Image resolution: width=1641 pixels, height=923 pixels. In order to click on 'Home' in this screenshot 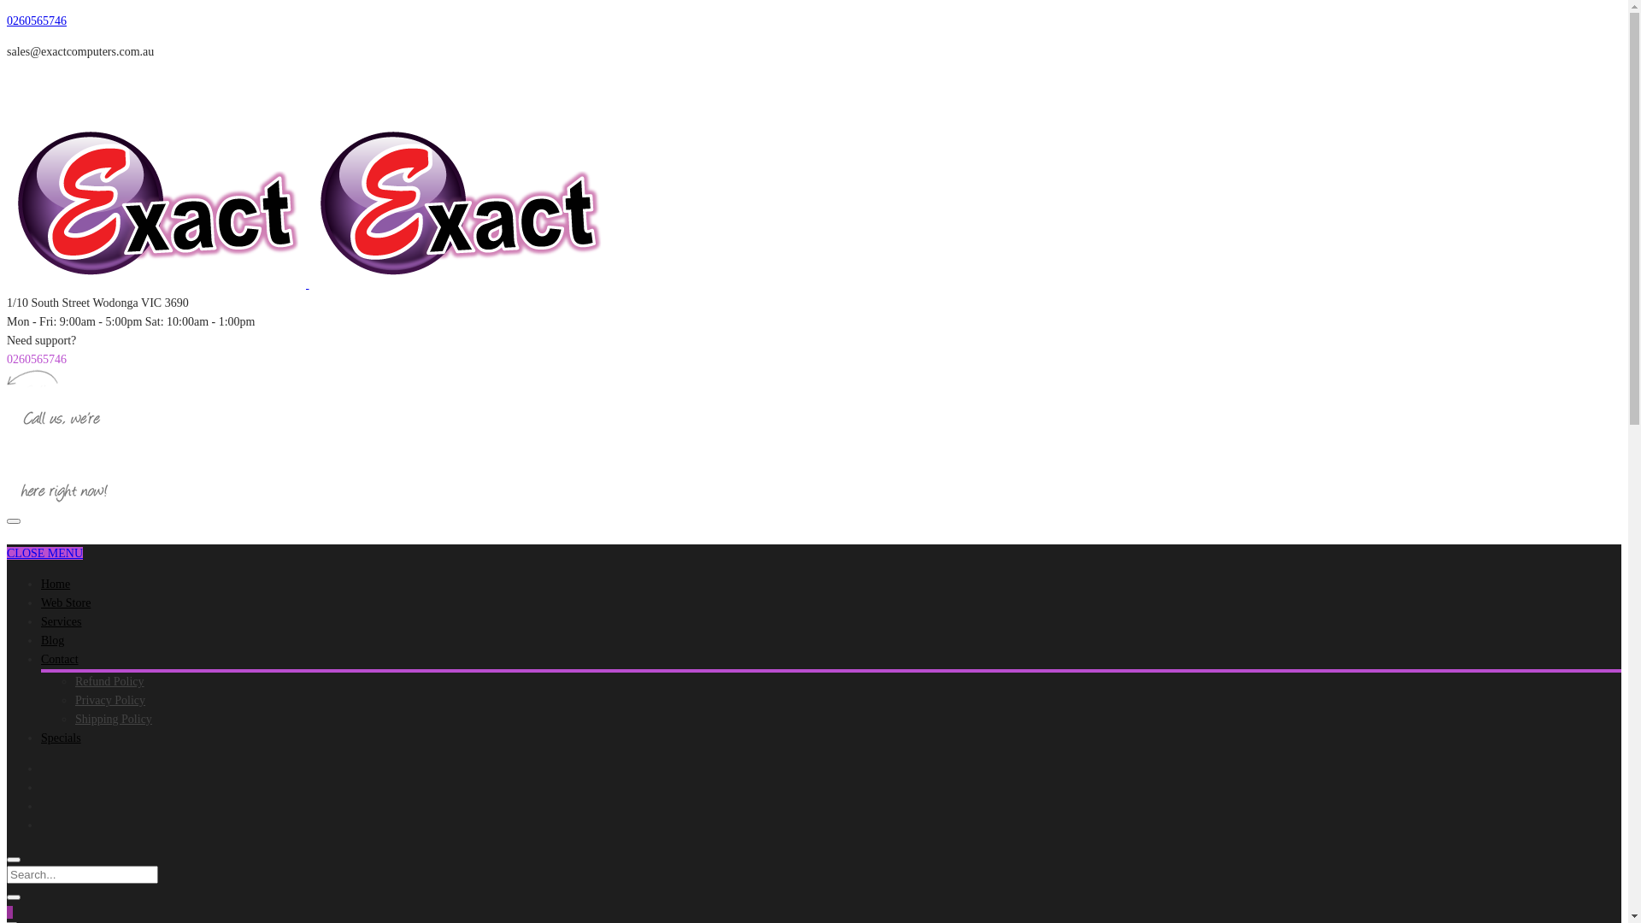, I will do `click(56, 583)`.